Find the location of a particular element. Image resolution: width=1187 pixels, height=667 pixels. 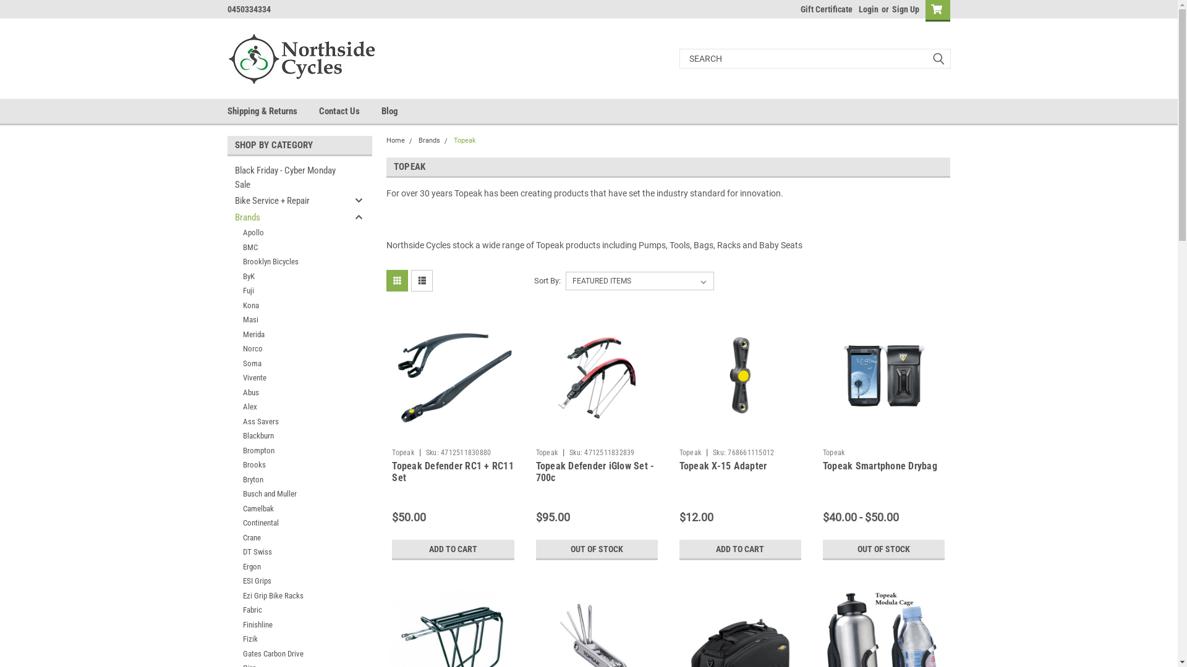

'Continental' is located at coordinates (288, 523).